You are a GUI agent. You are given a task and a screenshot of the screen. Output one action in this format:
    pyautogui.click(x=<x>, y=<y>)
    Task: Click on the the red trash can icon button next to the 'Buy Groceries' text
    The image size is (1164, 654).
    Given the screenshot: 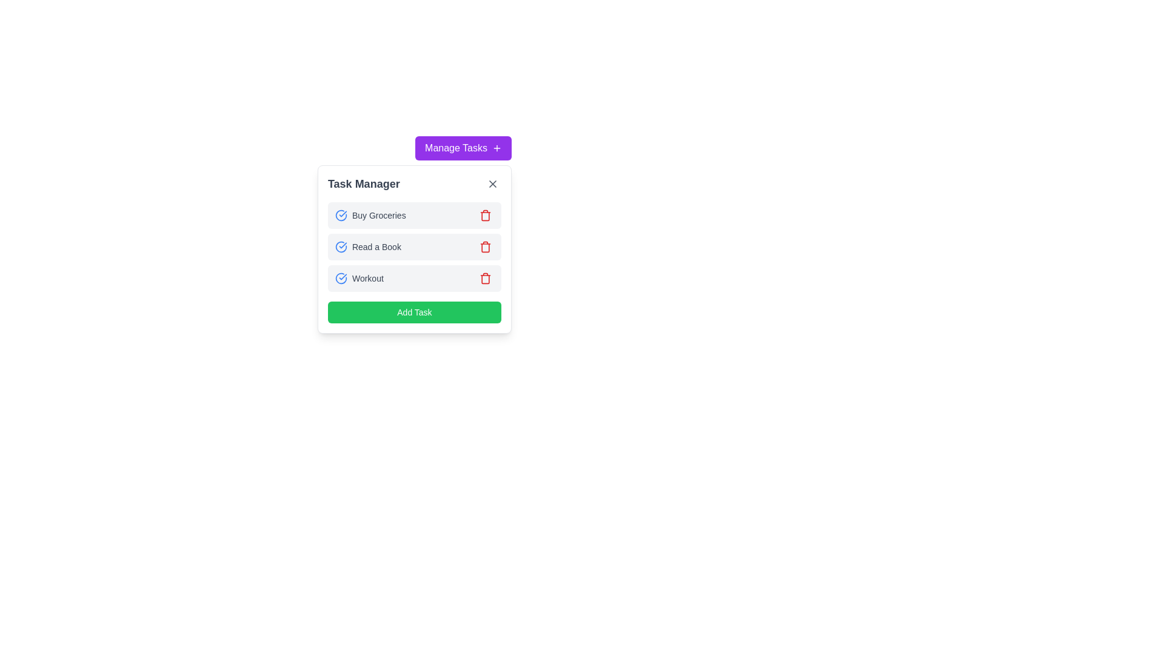 What is the action you would take?
    pyautogui.click(x=486, y=214)
    